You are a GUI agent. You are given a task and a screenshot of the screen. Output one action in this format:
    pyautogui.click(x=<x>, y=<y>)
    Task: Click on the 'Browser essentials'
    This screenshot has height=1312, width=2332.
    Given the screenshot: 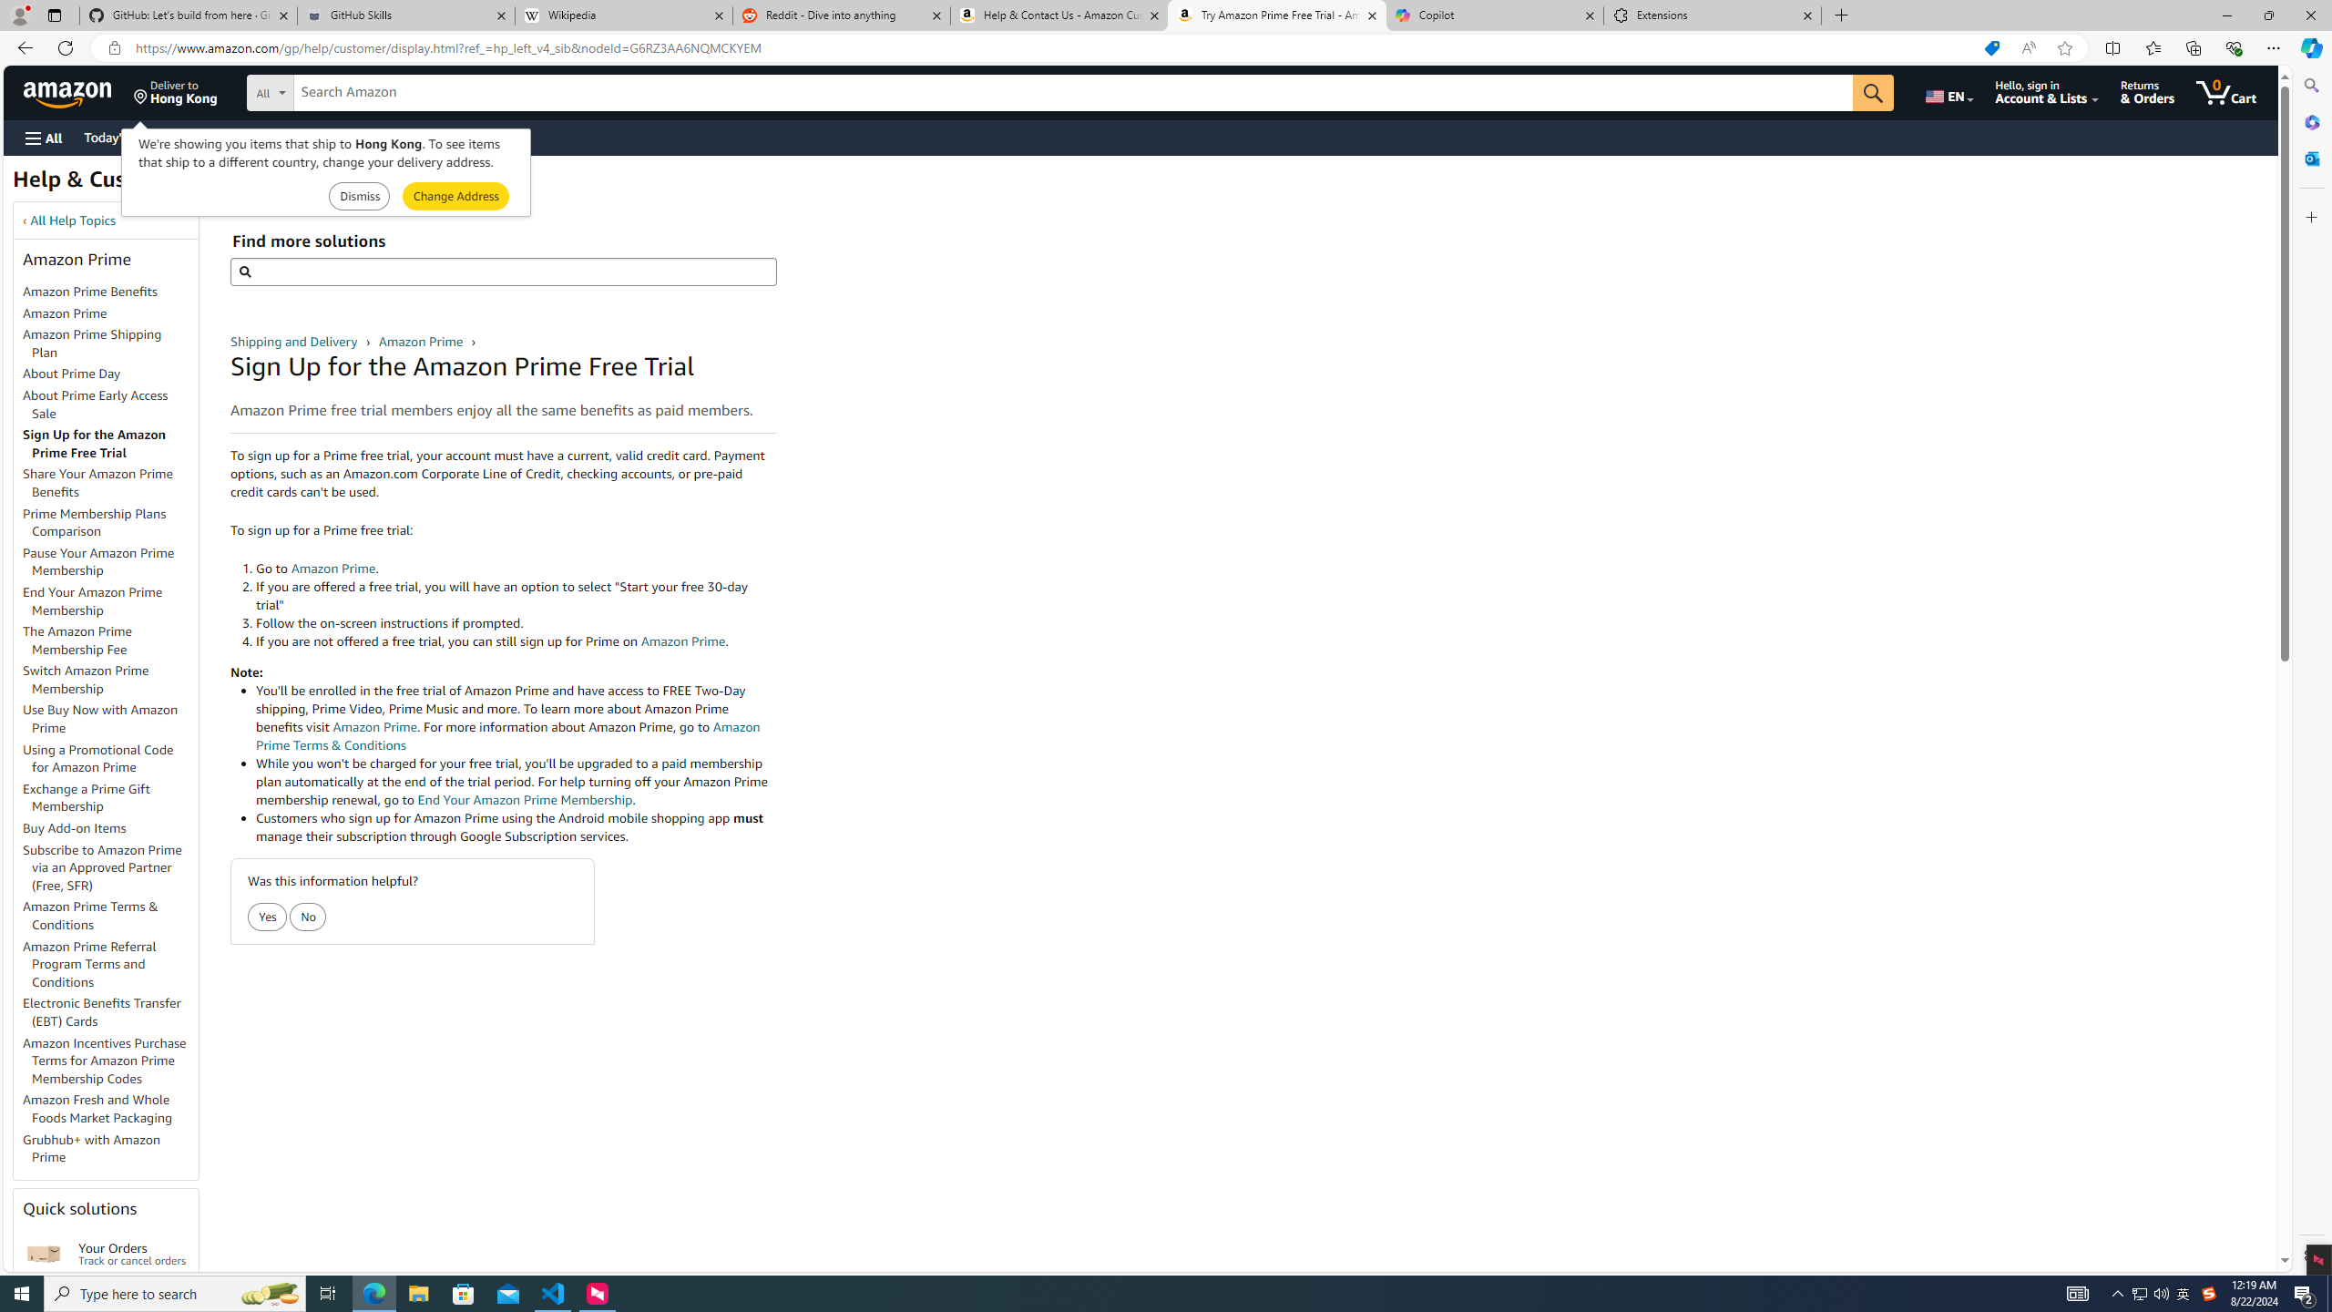 What is the action you would take?
    pyautogui.click(x=2233, y=46)
    